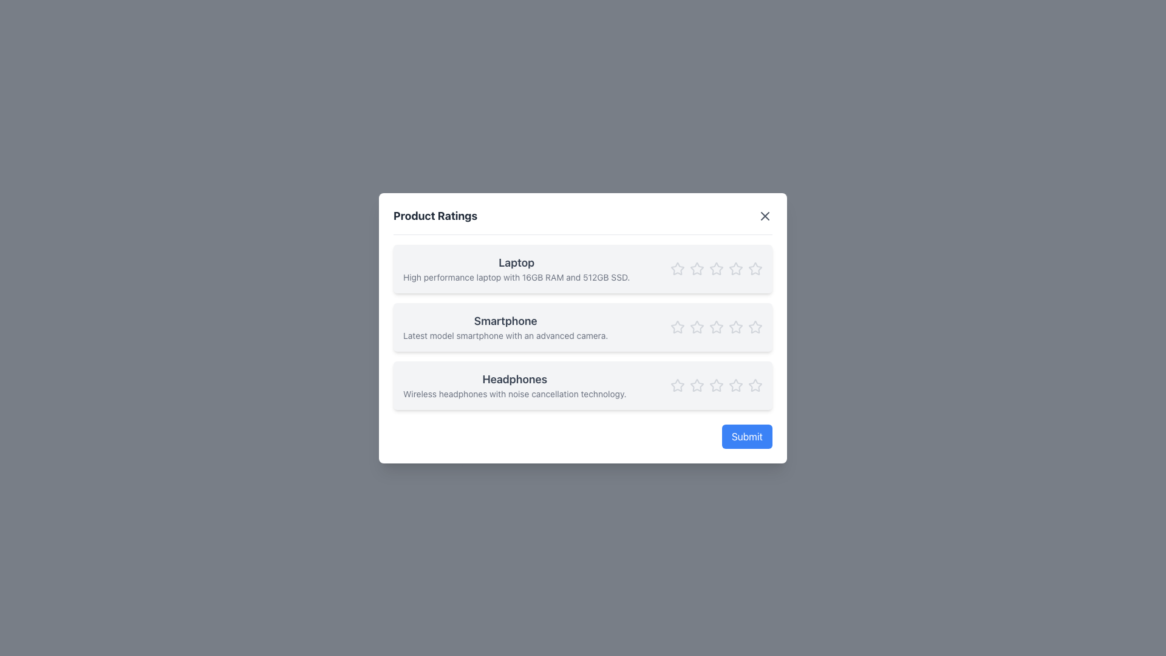 This screenshot has width=1166, height=656. What do you see at coordinates (505, 326) in the screenshot?
I see `text from the Text Block representing the product category for smartphones, which is the second entry in the vertical list of the 'Product Ratings' dialog` at bounding box center [505, 326].